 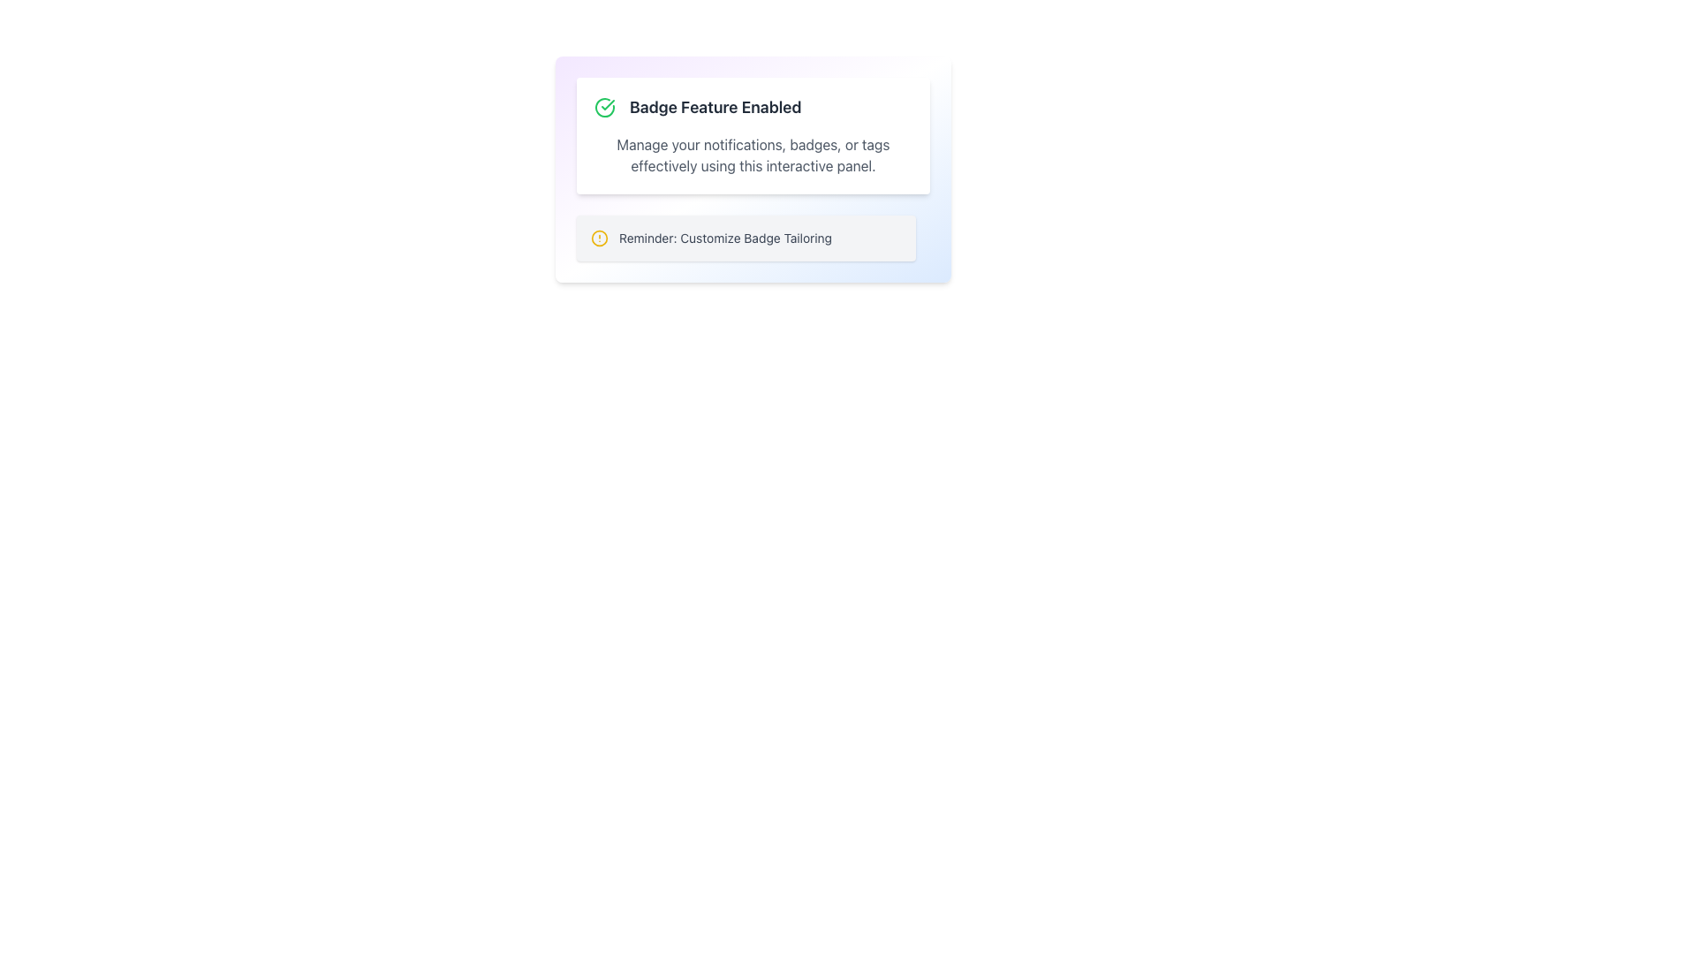 I want to click on the informational reminder text with icon, which is centrally aligned below the 'Badge Feature Enabled' heading, so click(x=746, y=238).